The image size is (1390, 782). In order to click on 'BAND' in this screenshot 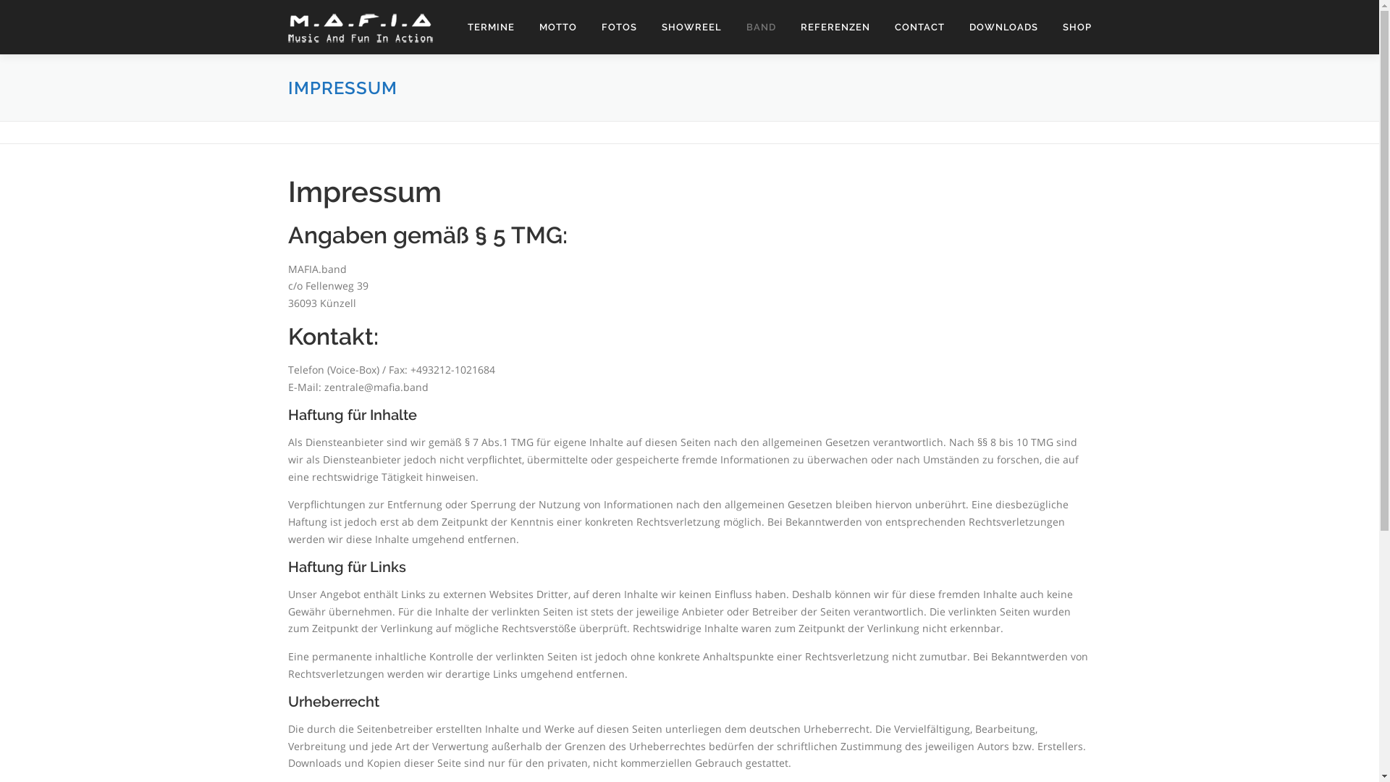, I will do `click(760, 27)`.